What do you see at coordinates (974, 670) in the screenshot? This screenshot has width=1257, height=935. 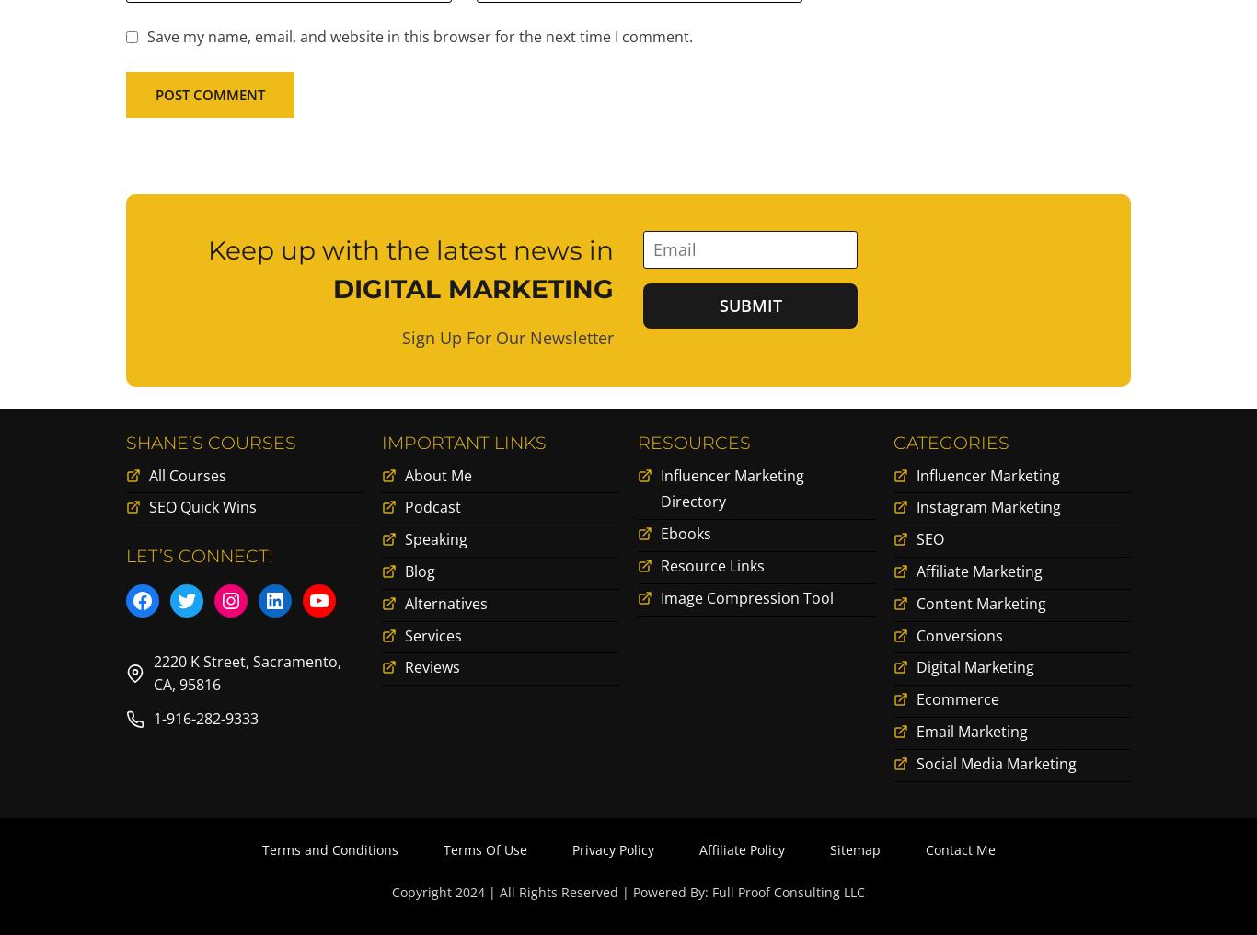 I see `'Digital Marketing'` at bounding box center [974, 670].